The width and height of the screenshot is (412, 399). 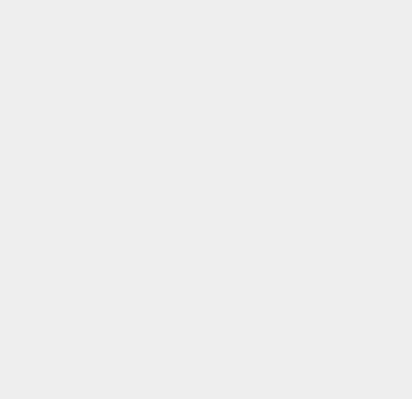 What do you see at coordinates (306, 190) in the screenshot?
I see `'Google Apps'` at bounding box center [306, 190].